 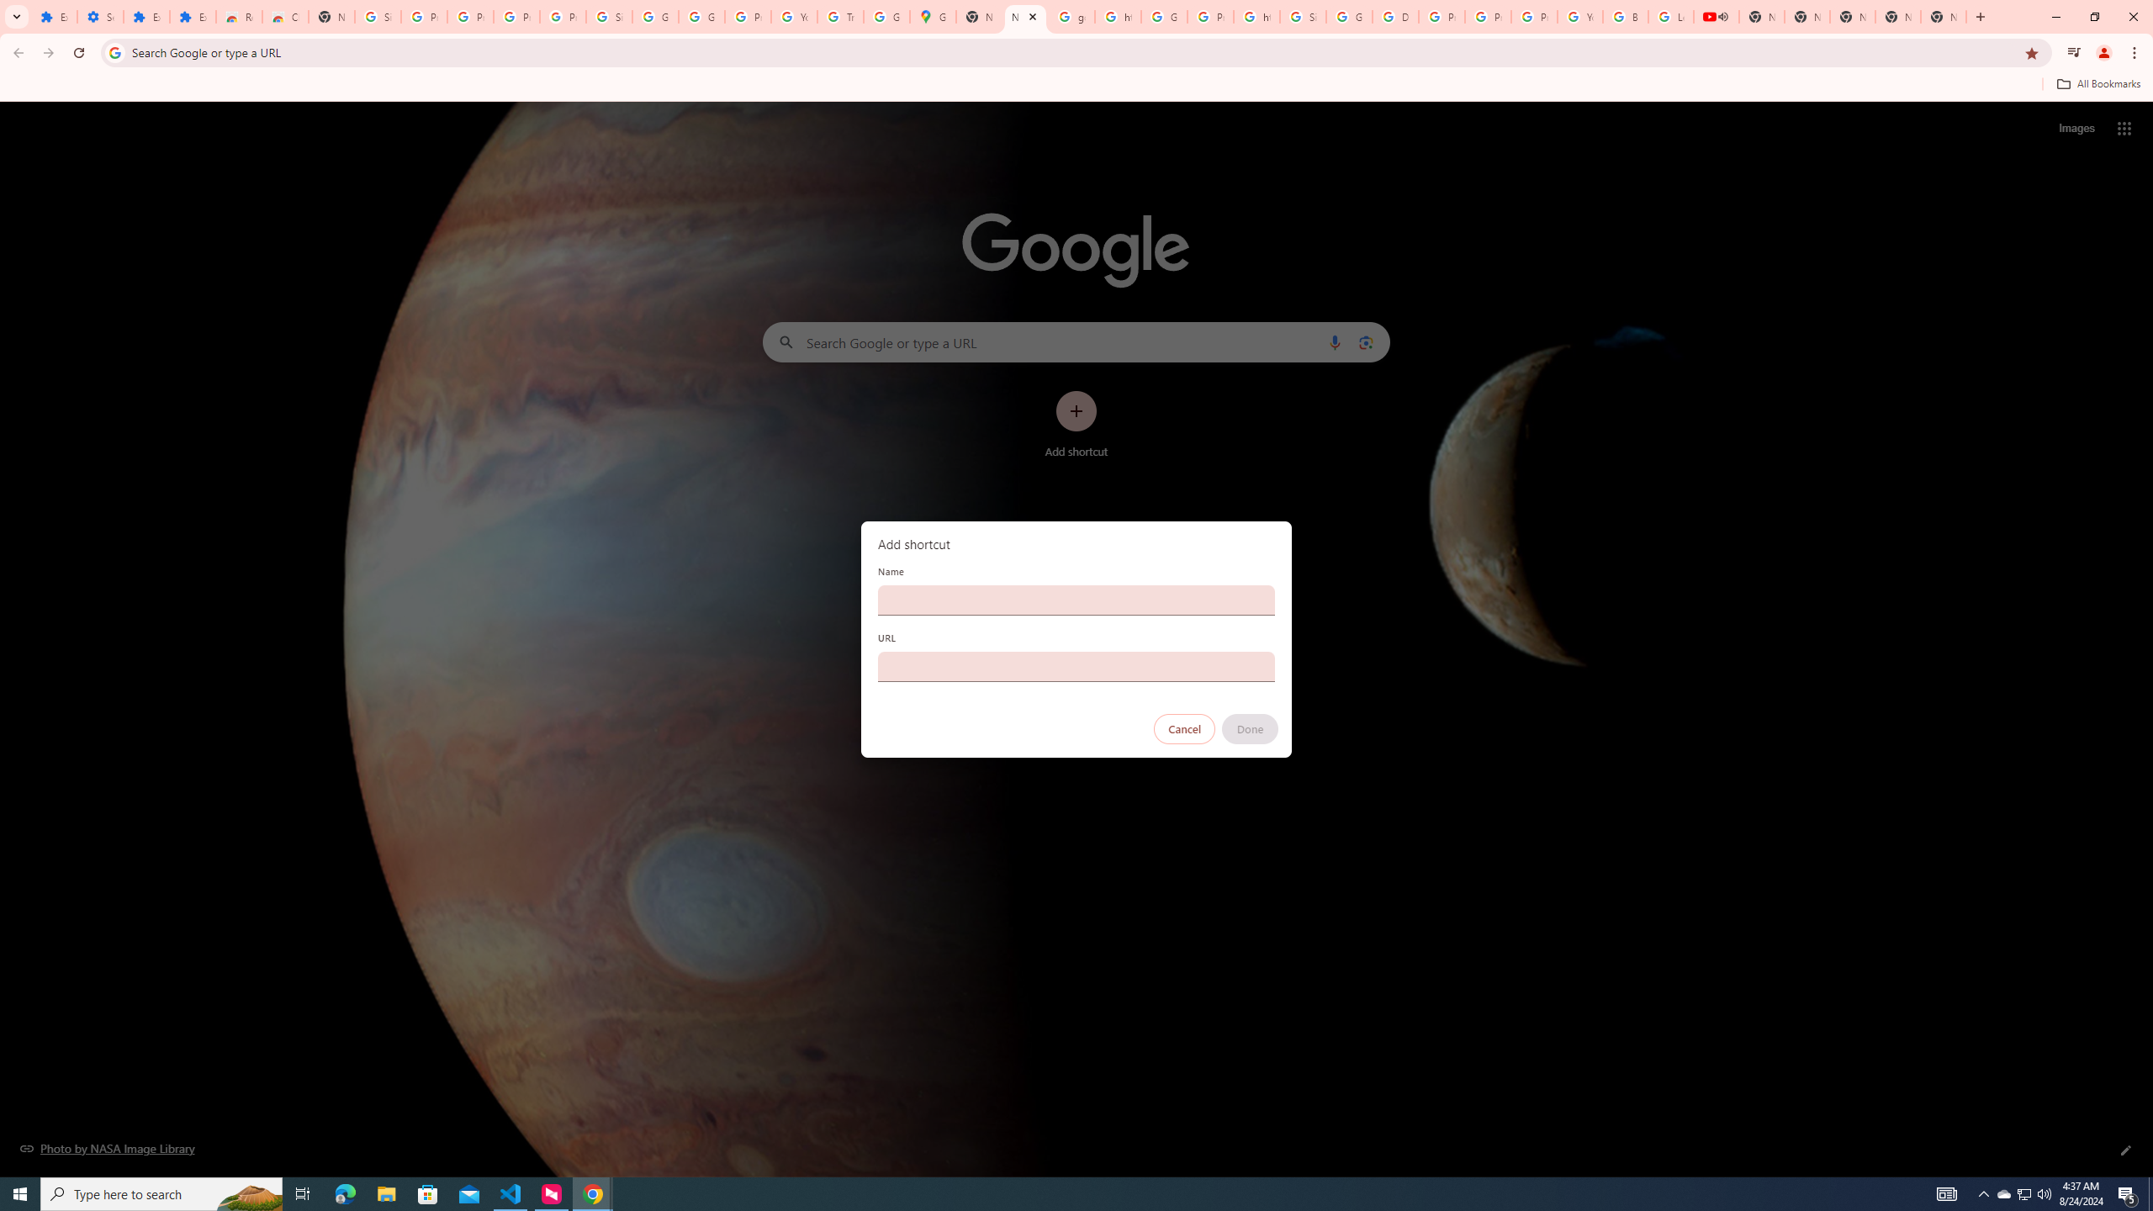 I want to click on 'Chrome Web Store - Themes', so click(x=284, y=16).